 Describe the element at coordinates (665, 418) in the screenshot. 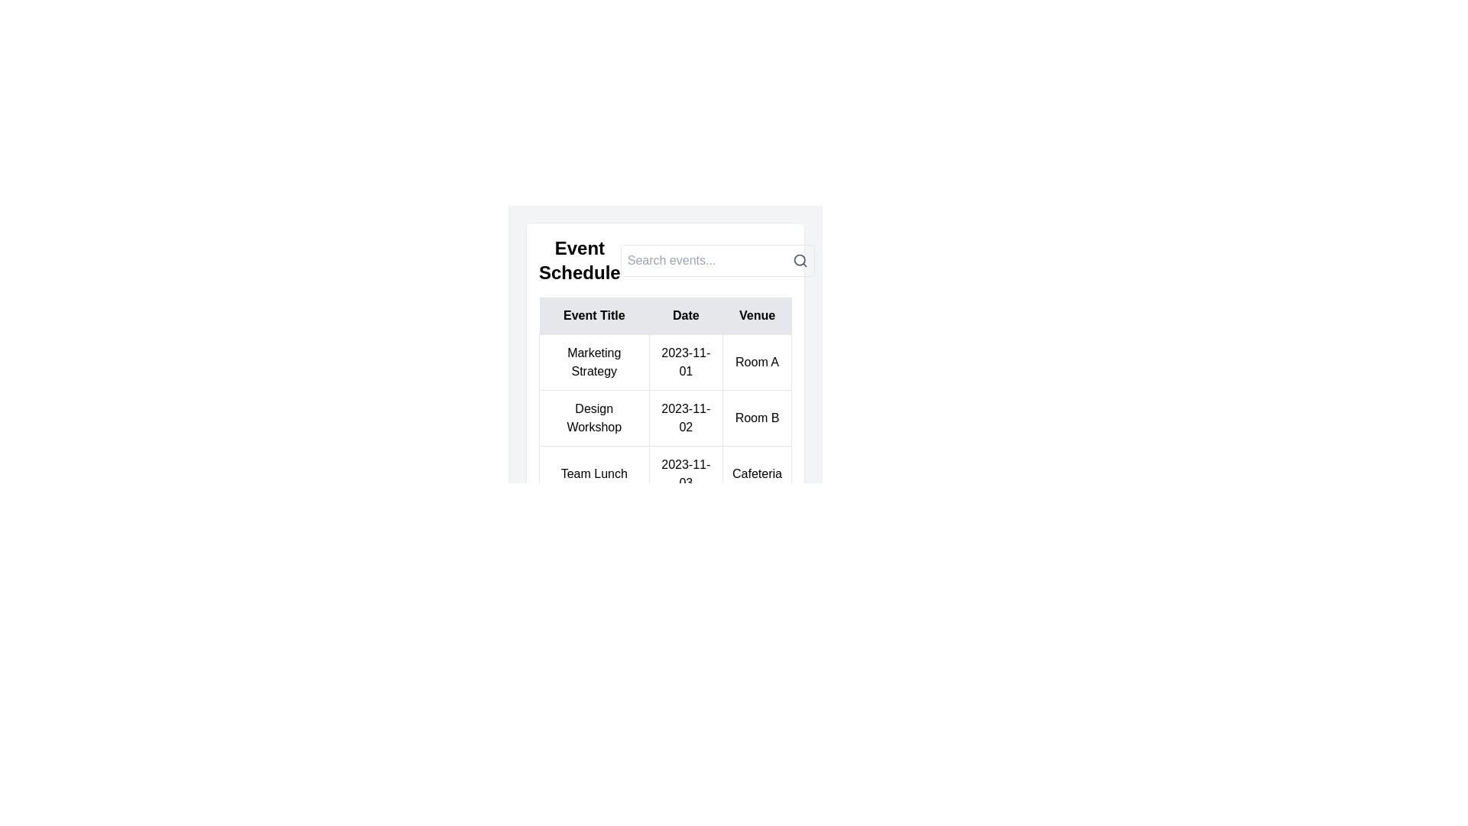

I see `the text content of the static list item displaying event details for 'Design Workshop' located in the second row of the schedule table` at that location.